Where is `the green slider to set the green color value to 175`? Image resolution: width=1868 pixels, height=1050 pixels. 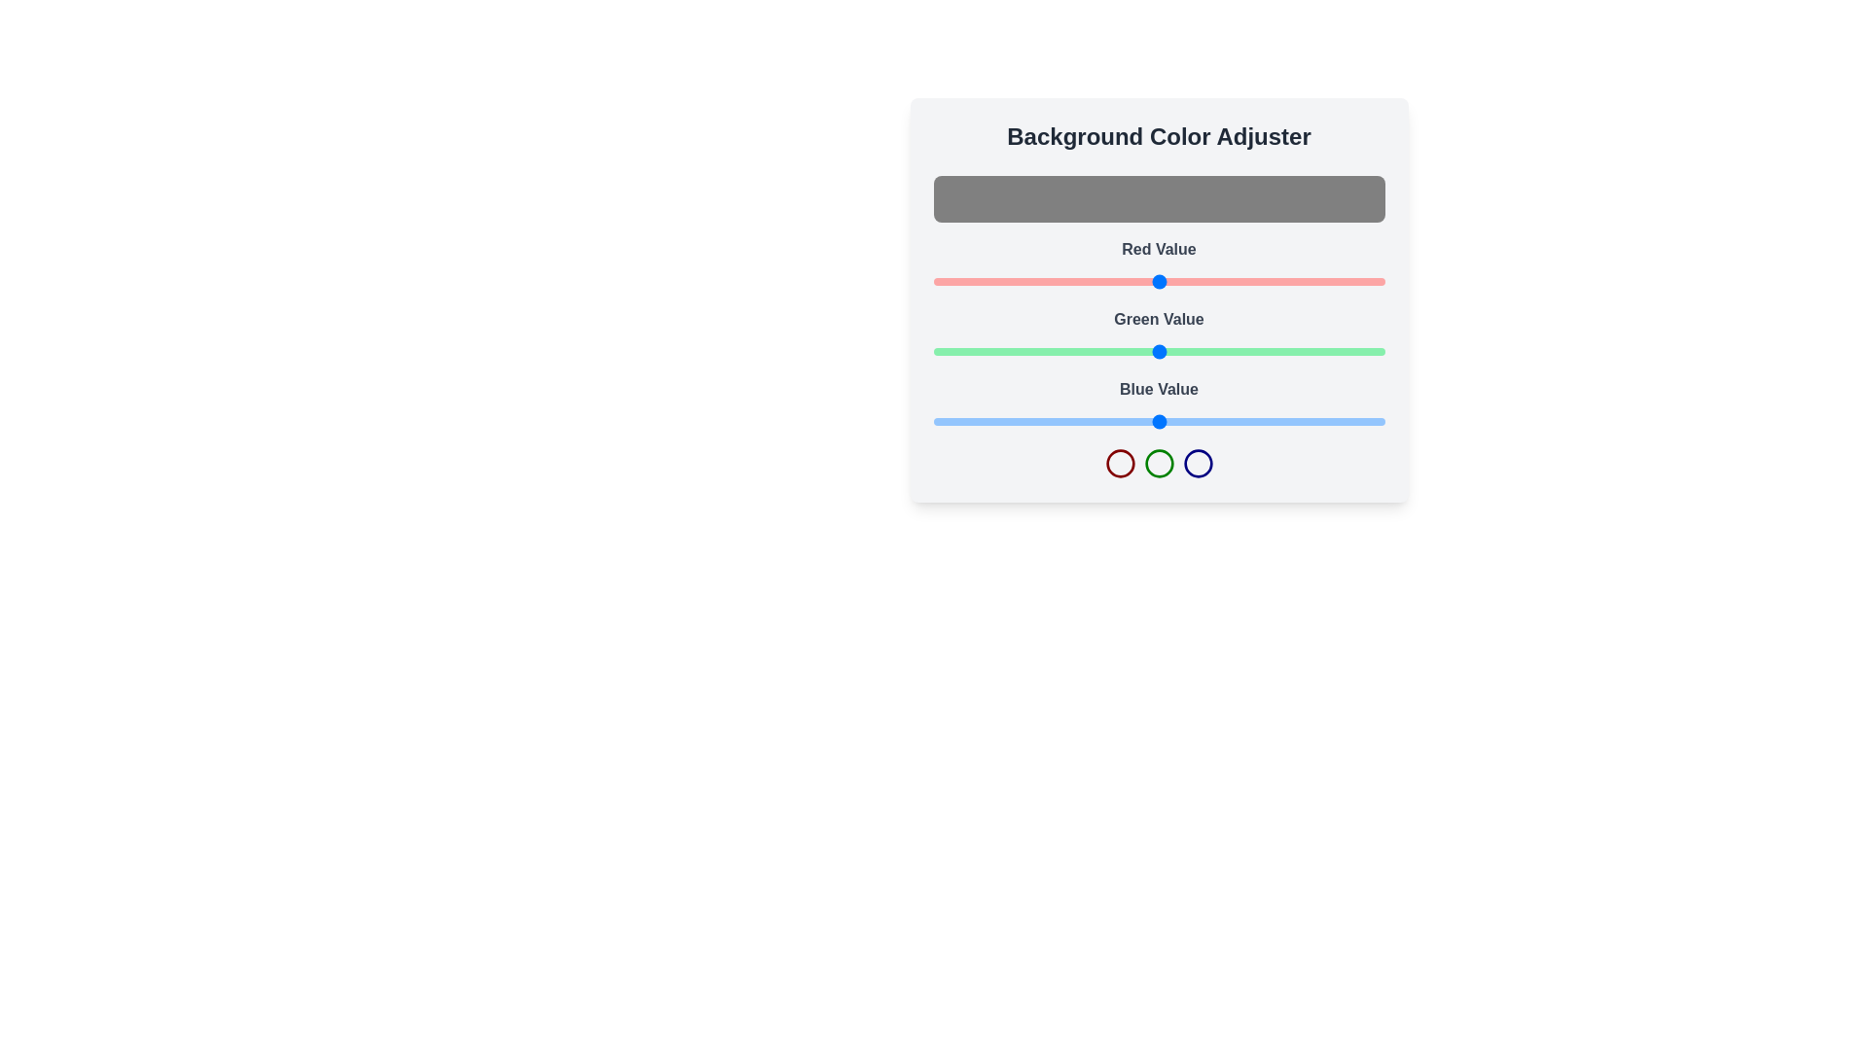 the green slider to set the green color value to 175 is located at coordinates (1241, 352).